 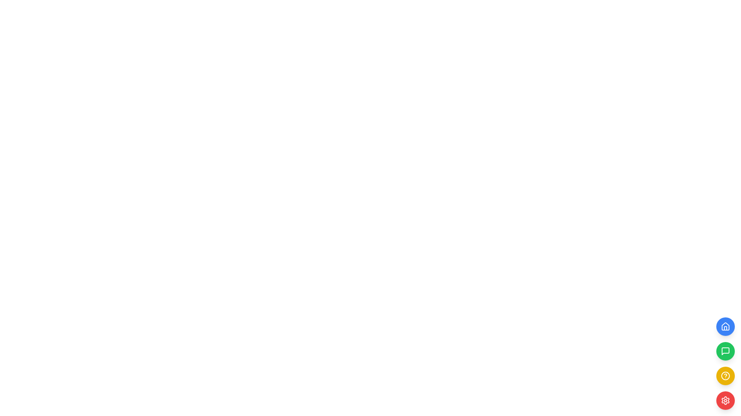 What do you see at coordinates (725, 351) in the screenshot?
I see `the green circular button with a white chat bubble icon located below the blue home button in the vertical row of circular buttons` at bounding box center [725, 351].